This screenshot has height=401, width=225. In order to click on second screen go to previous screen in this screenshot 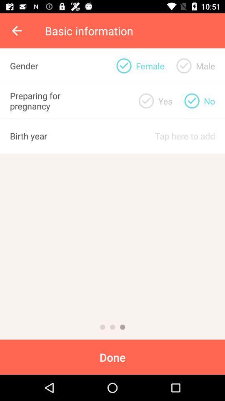, I will do `click(112, 327)`.